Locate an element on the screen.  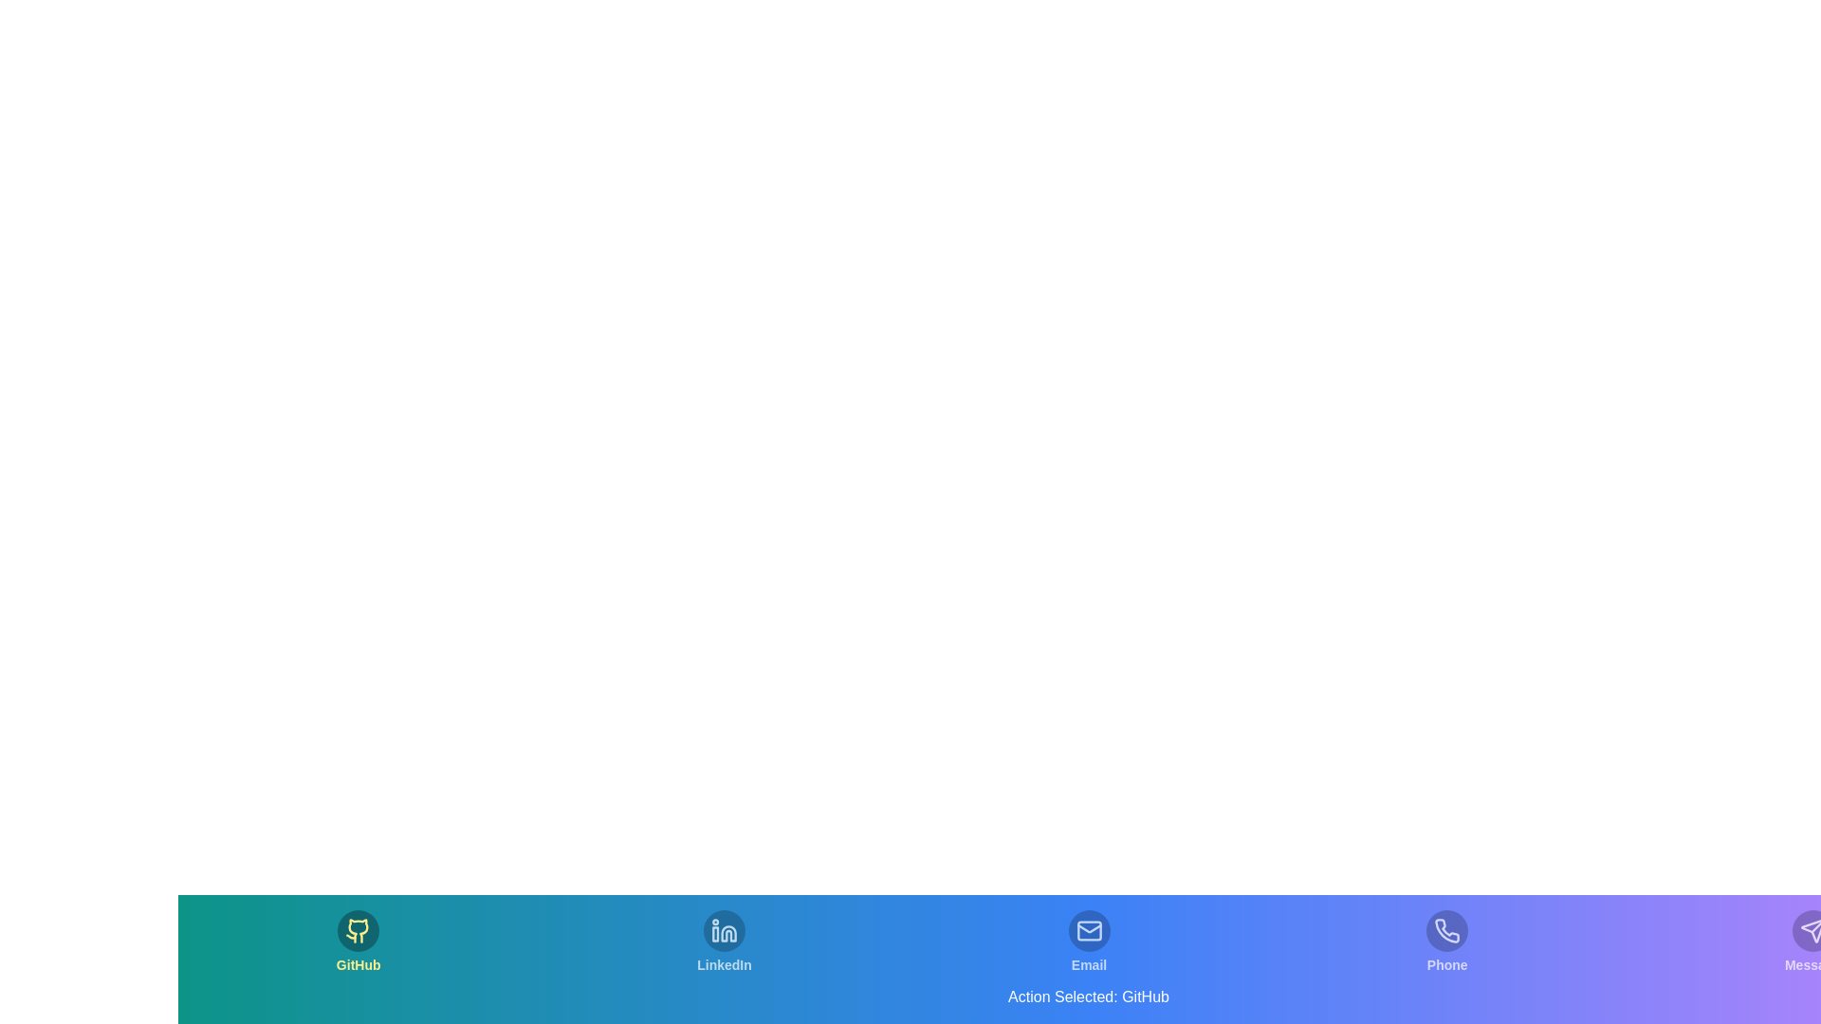
the icon labeled Email to observe its hover effect is located at coordinates (1088, 942).